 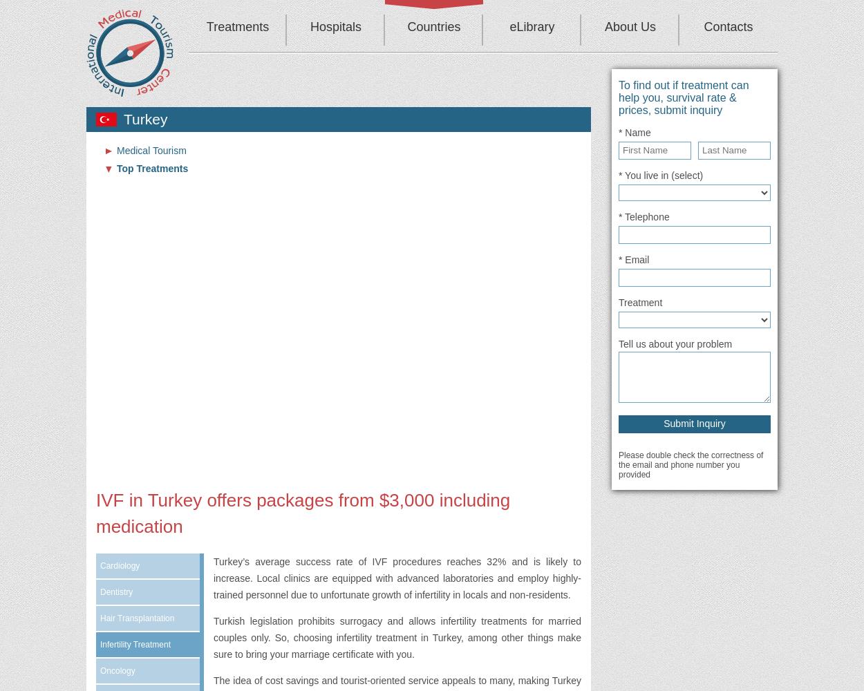 I want to click on 'Oncology', so click(x=118, y=670).